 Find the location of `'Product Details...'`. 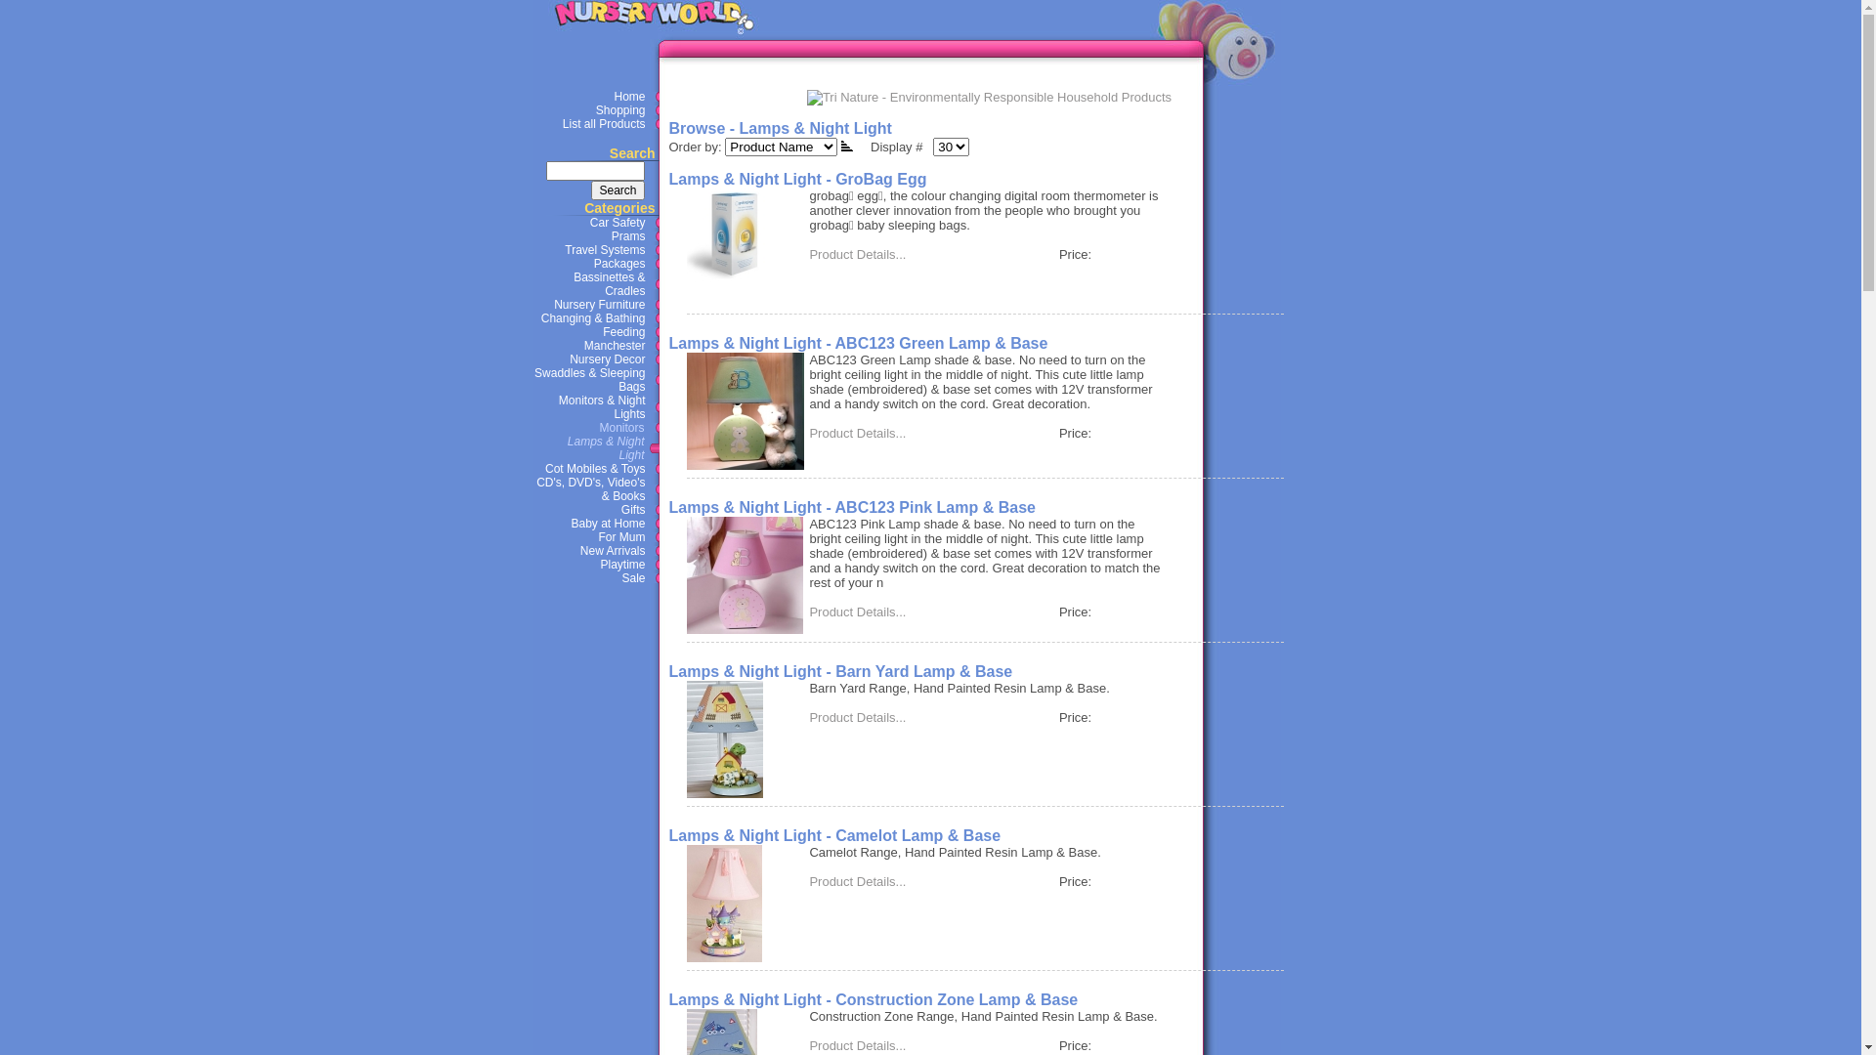

'Product Details...' is located at coordinates (857, 253).